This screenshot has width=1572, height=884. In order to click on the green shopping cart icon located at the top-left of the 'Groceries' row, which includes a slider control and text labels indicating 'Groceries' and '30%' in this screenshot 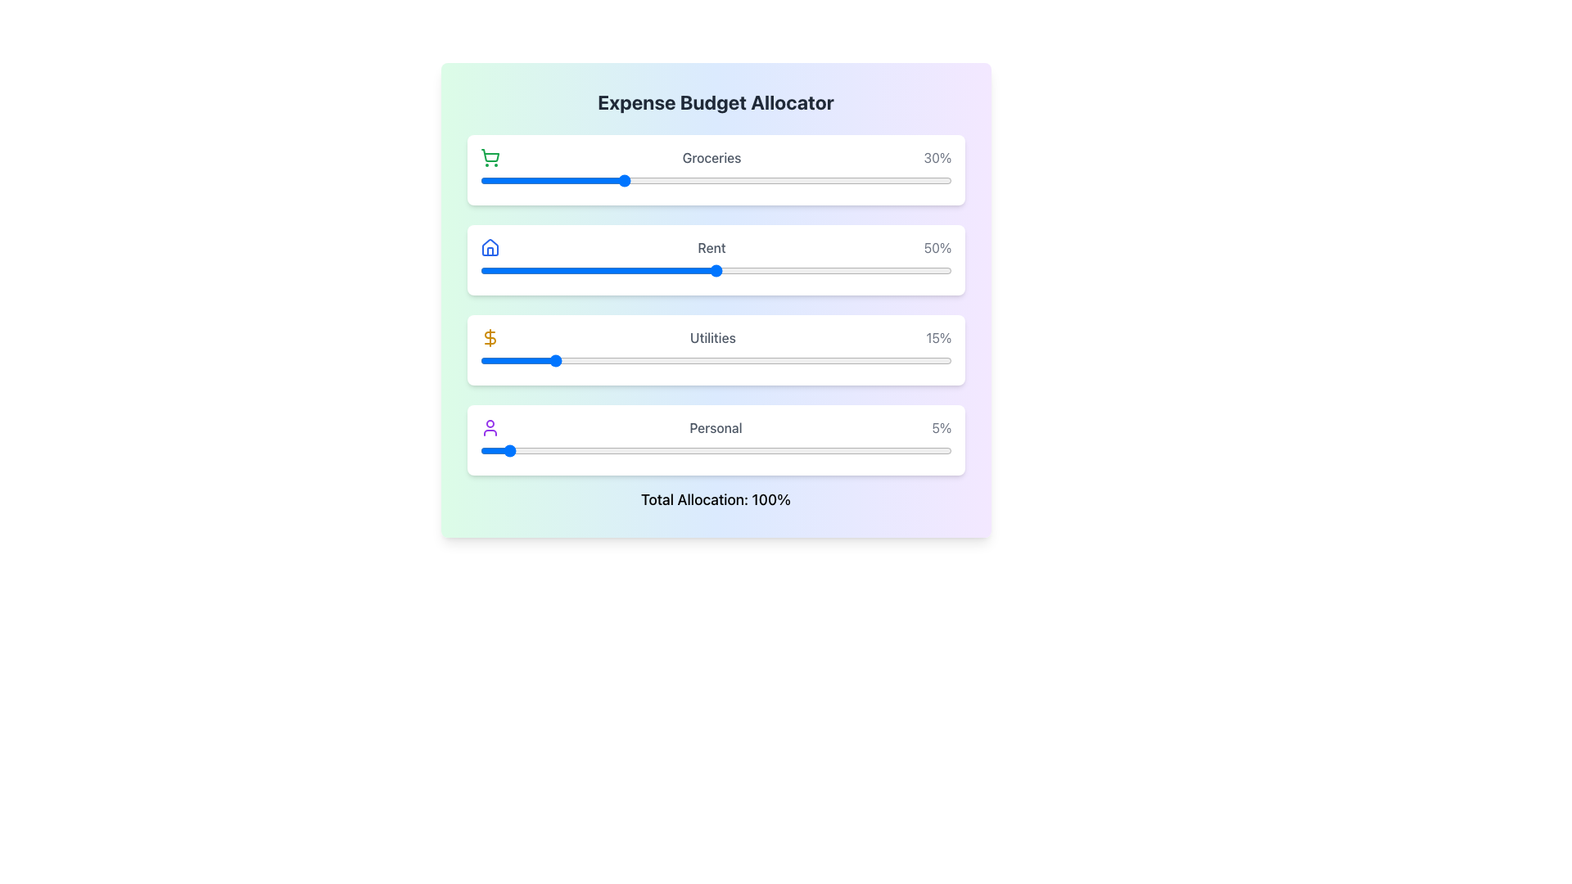, I will do `click(489, 157)`.